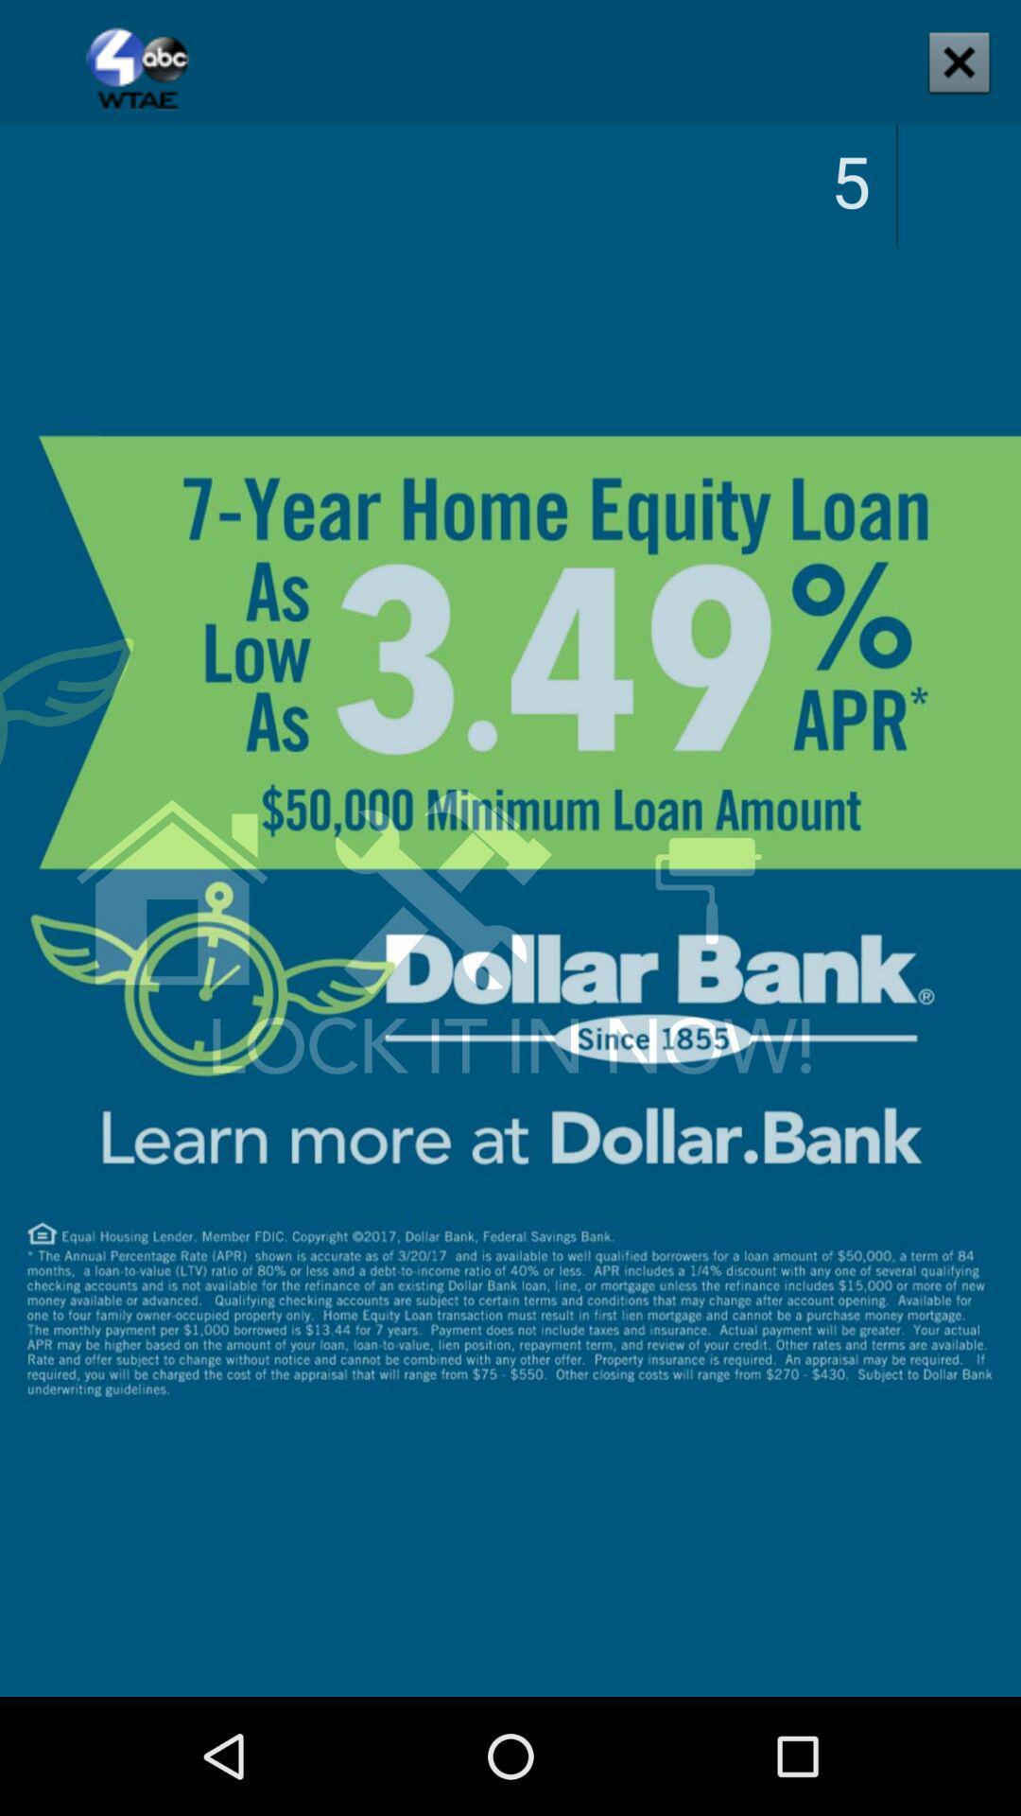  What do you see at coordinates (959, 66) in the screenshot?
I see `the close icon` at bounding box center [959, 66].